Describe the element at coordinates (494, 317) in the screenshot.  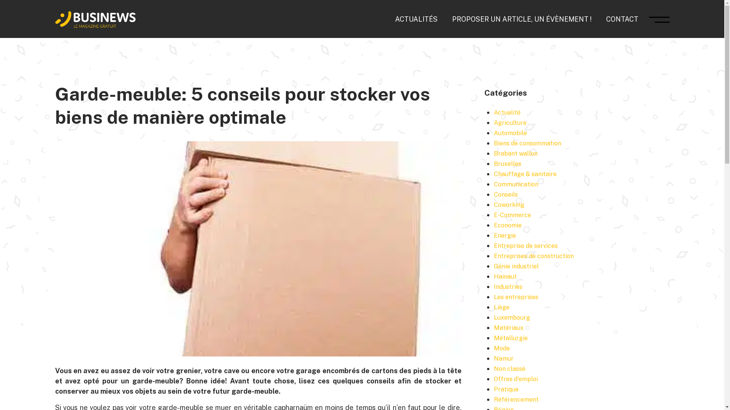
I see `'Luxembourg'` at that location.